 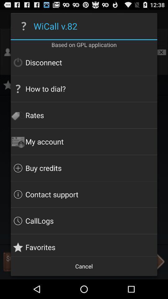 I want to click on the how to dial? icon, so click(x=84, y=88).